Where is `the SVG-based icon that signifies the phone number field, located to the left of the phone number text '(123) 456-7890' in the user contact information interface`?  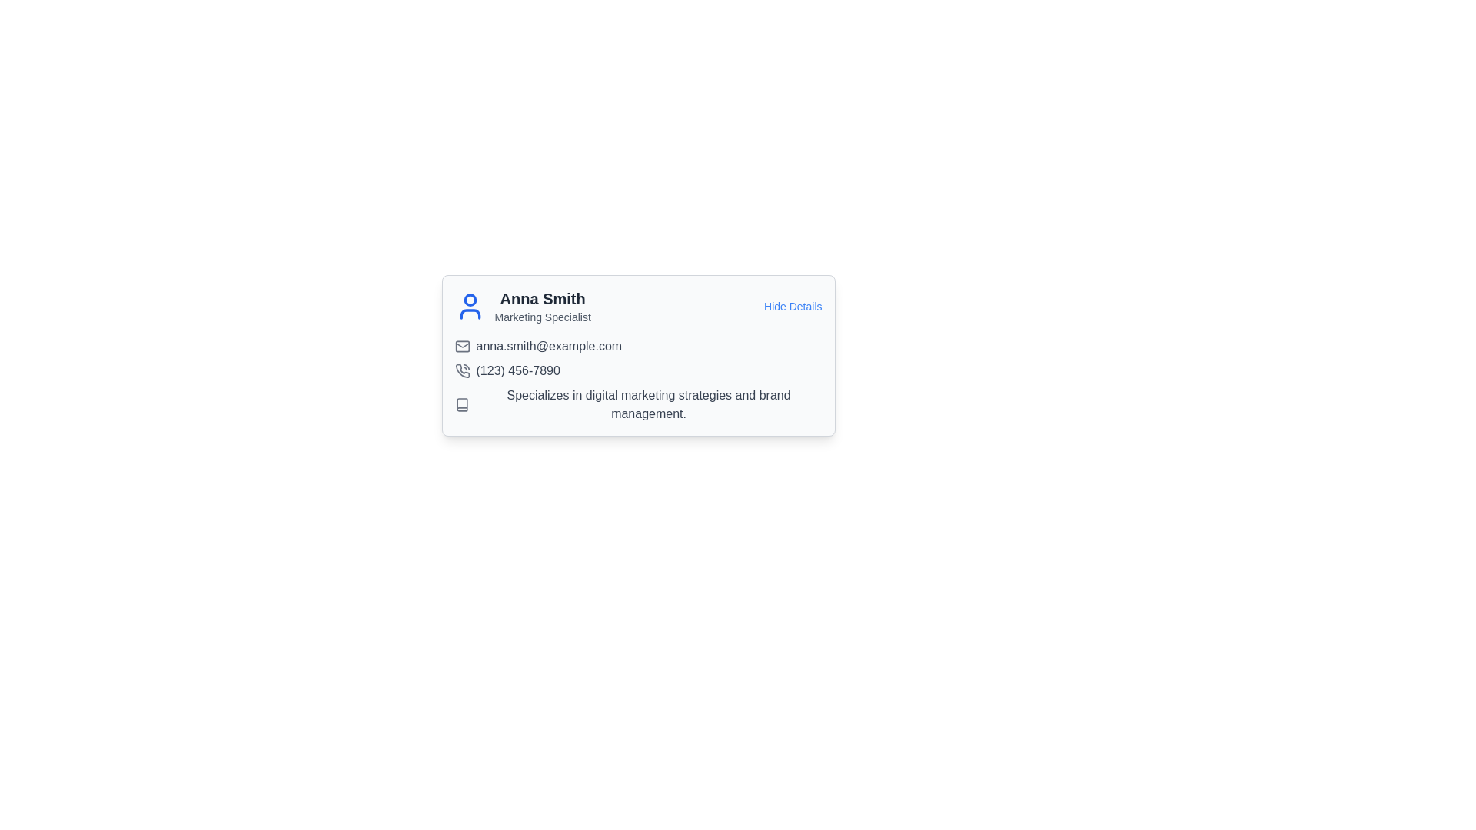
the SVG-based icon that signifies the phone number field, located to the left of the phone number text '(123) 456-7890' in the user contact information interface is located at coordinates (461, 370).